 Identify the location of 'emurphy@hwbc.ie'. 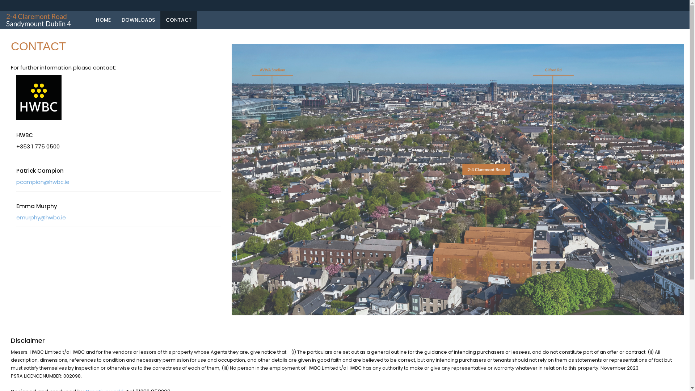
(41, 217).